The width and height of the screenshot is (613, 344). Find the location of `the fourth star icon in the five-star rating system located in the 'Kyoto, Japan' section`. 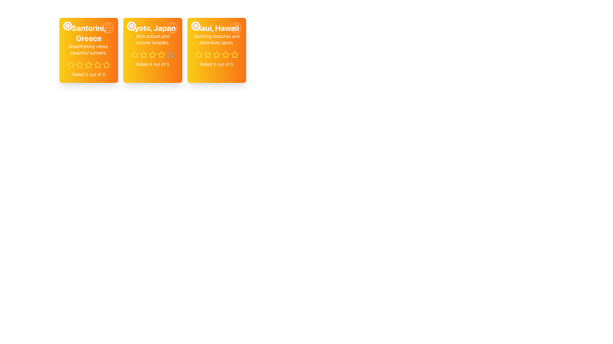

the fourth star icon in the five-star rating system located in the 'Kyoto, Japan' section is located at coordinates (161, 54).